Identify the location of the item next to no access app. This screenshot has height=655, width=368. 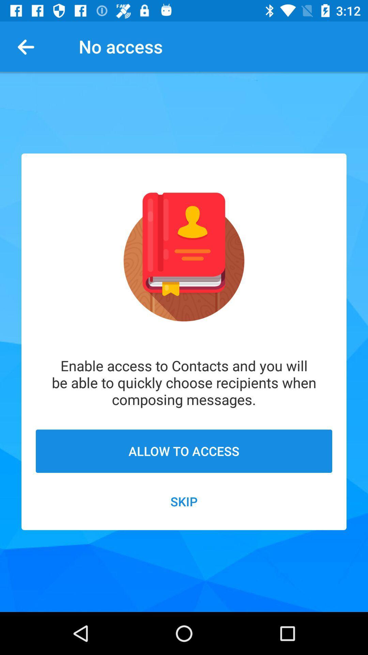
(28, 46).